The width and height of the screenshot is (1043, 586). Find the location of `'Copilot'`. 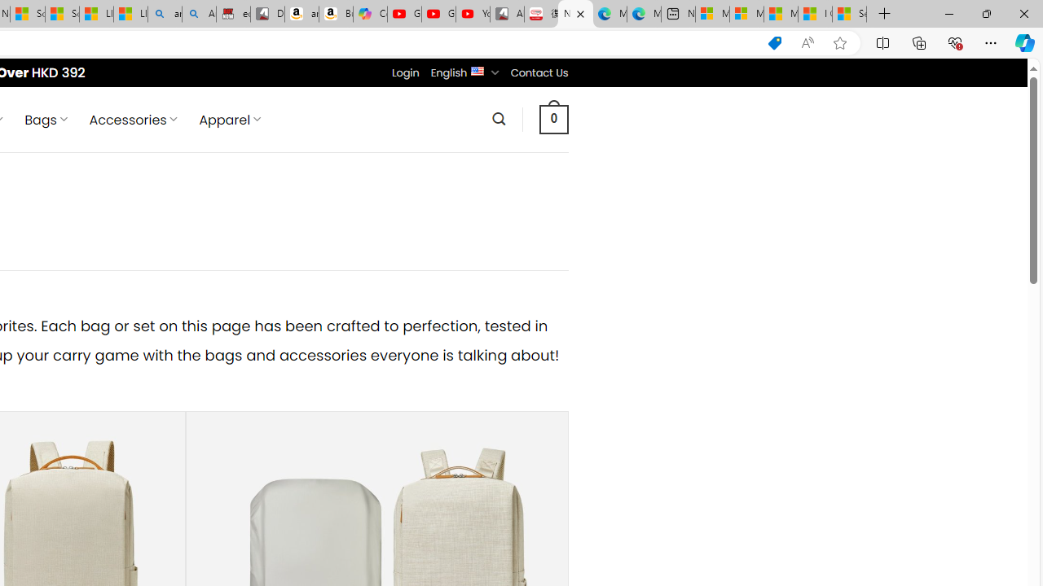

'Copilot' is located at coordinates (369, 14).